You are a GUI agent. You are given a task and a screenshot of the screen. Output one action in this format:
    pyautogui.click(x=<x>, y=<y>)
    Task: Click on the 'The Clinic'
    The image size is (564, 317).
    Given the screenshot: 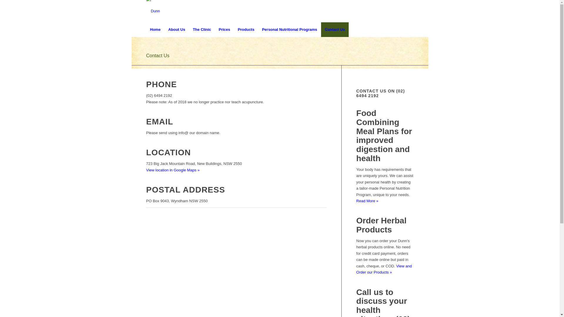 What is the action you would take?
    pyautogui.click(x=202, y=29)
    